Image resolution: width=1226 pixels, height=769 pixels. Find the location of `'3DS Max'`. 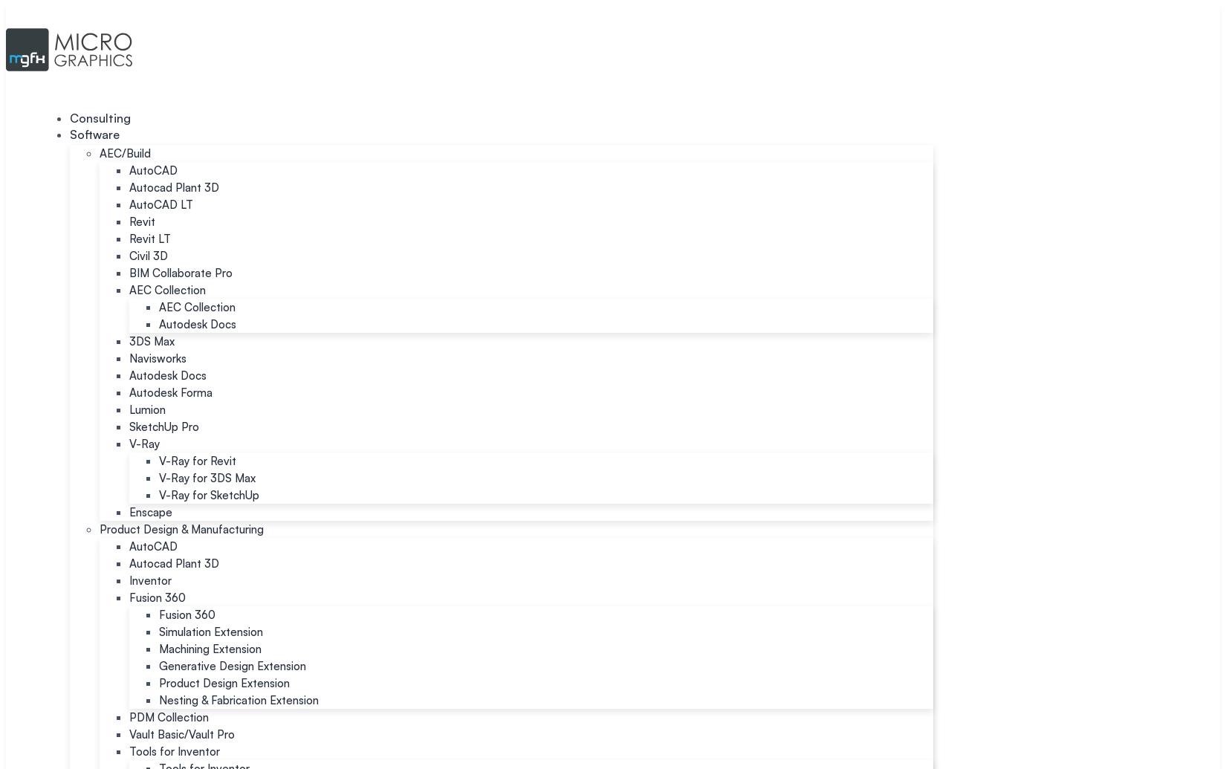

'3DS Max' is located at coordinates (152, 341).